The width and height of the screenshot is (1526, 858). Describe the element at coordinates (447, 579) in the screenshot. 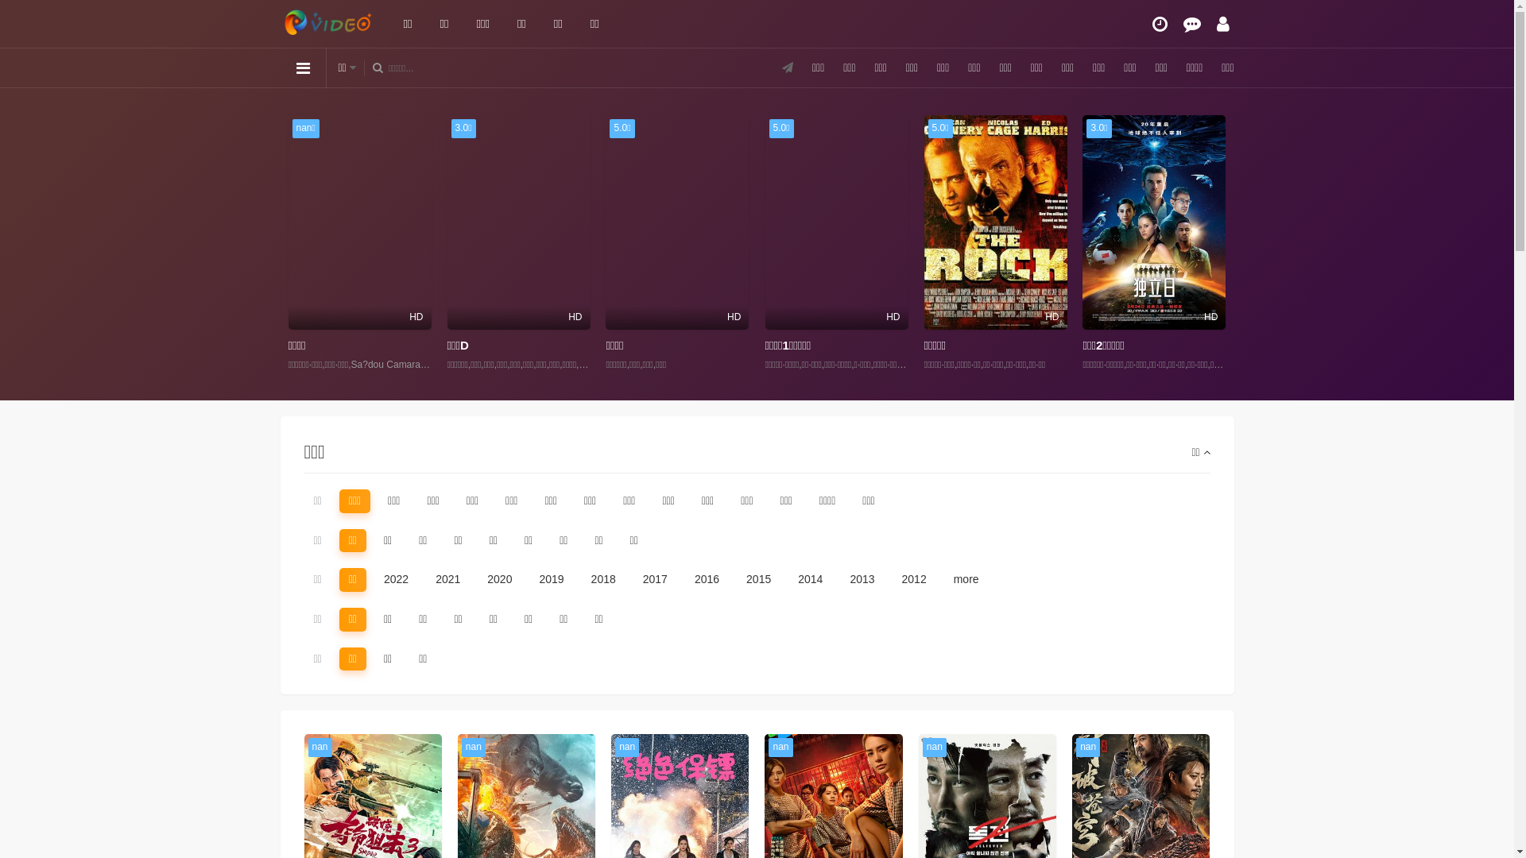

I see `'2021'` at that location.